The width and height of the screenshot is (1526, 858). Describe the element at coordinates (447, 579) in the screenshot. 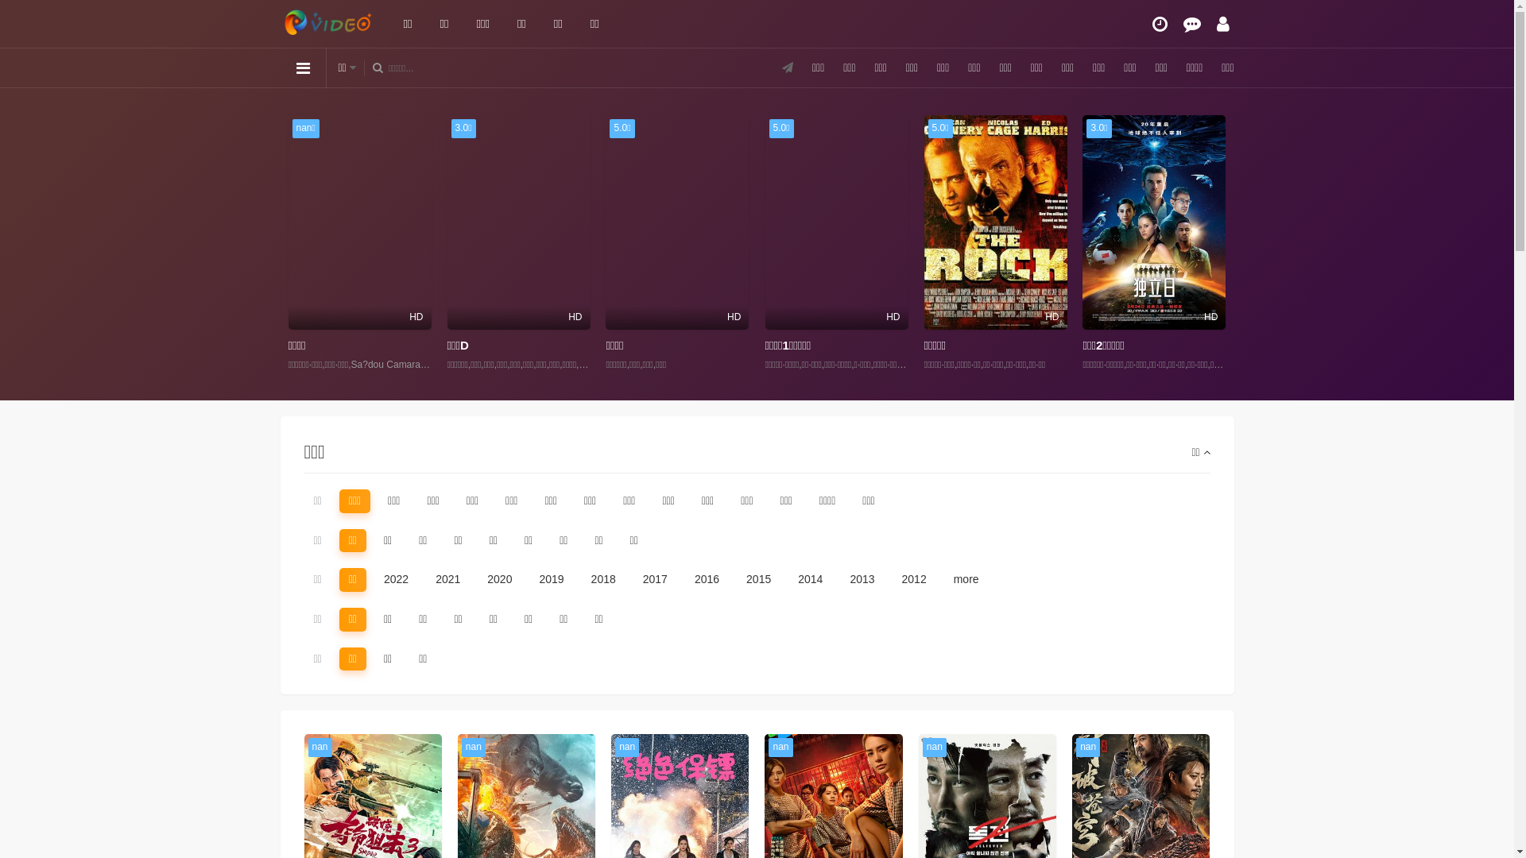

I see `'2021'` at that location.